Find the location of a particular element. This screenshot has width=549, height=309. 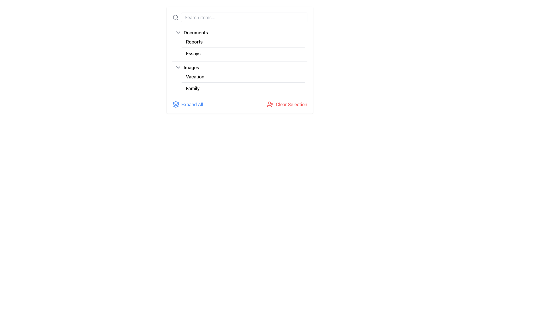

the second layer of the stacked layers icon, which is a curved shape with a symmetrical outline is located at coordinates (175, 105).